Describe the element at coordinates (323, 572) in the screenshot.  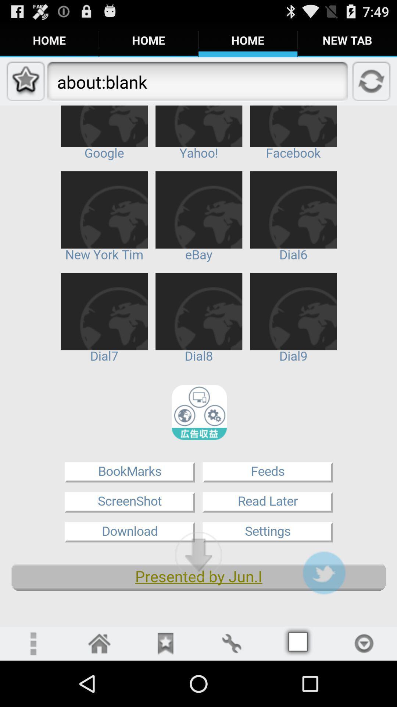
I see `twitter` at that location.